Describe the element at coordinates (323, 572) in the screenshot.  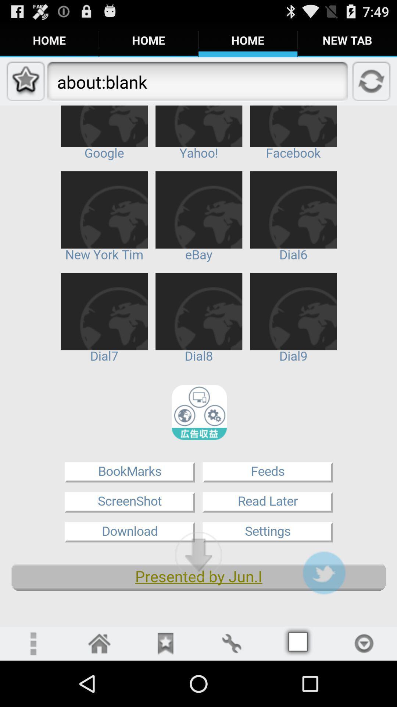
I see `twitter` at that location.